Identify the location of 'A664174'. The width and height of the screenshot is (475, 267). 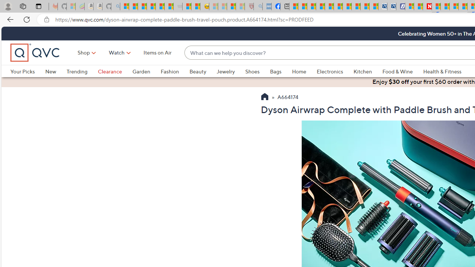
(288, 97).